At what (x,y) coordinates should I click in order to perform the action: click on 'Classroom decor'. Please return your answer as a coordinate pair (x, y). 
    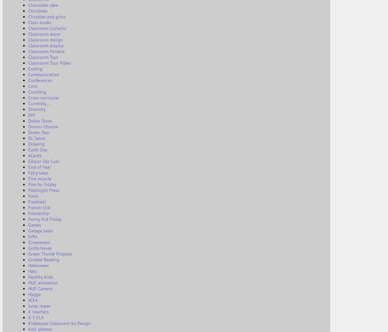
    Looking at the image, I should click on (44, 34).